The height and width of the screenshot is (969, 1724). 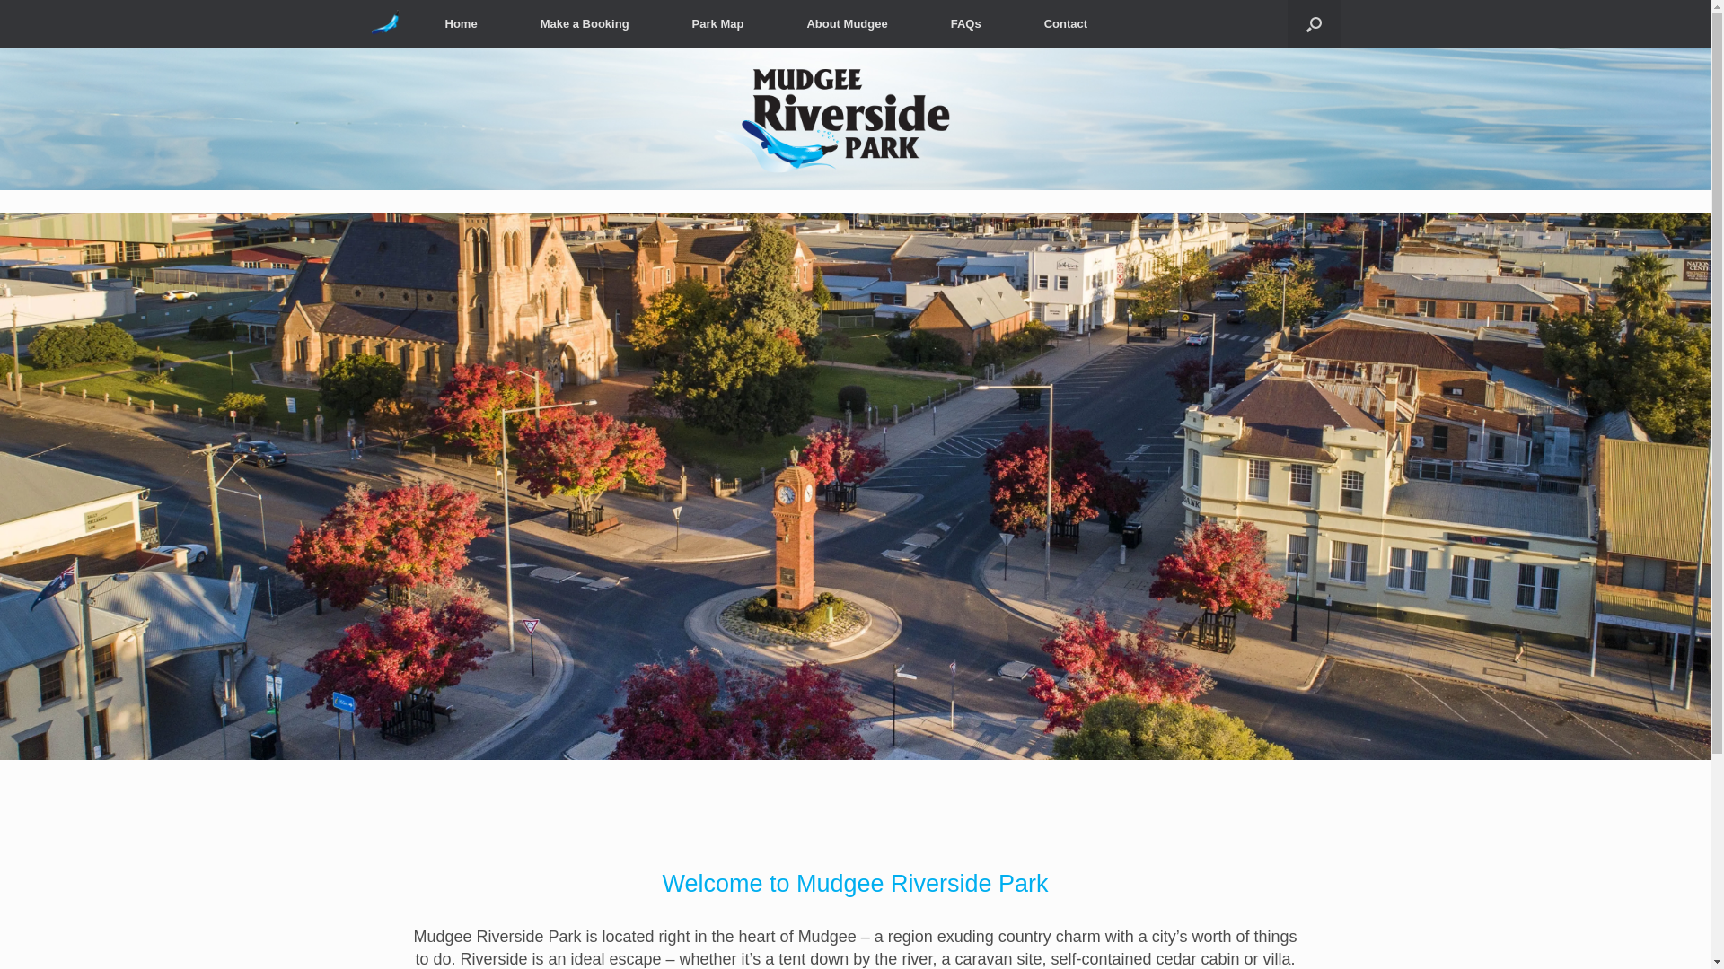 What do you see at coordinates (507, 23) in the screenshot?
I see `'Make a Booking'` at bounding box center [507, 23].